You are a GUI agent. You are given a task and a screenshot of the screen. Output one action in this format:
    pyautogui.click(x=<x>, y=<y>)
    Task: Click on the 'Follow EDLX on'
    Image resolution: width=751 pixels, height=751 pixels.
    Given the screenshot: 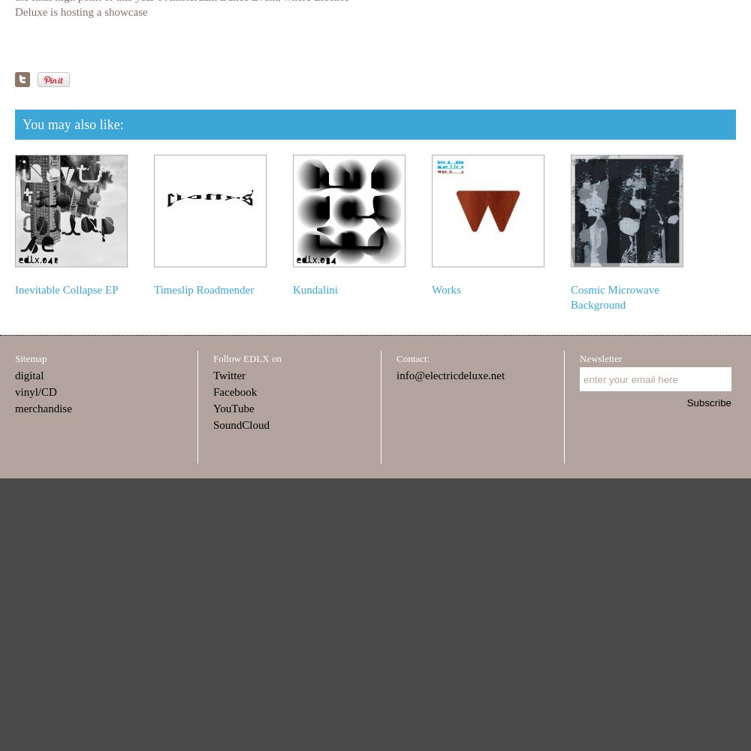 What is the action you would take?
    pyautogui.click(x=246, y=357)
    